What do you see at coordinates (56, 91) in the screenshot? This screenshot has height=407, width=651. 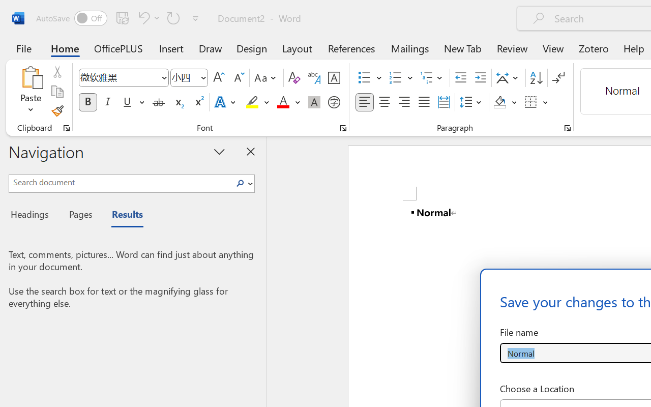 I see `'Copy'` at bounding box center [56, 91].